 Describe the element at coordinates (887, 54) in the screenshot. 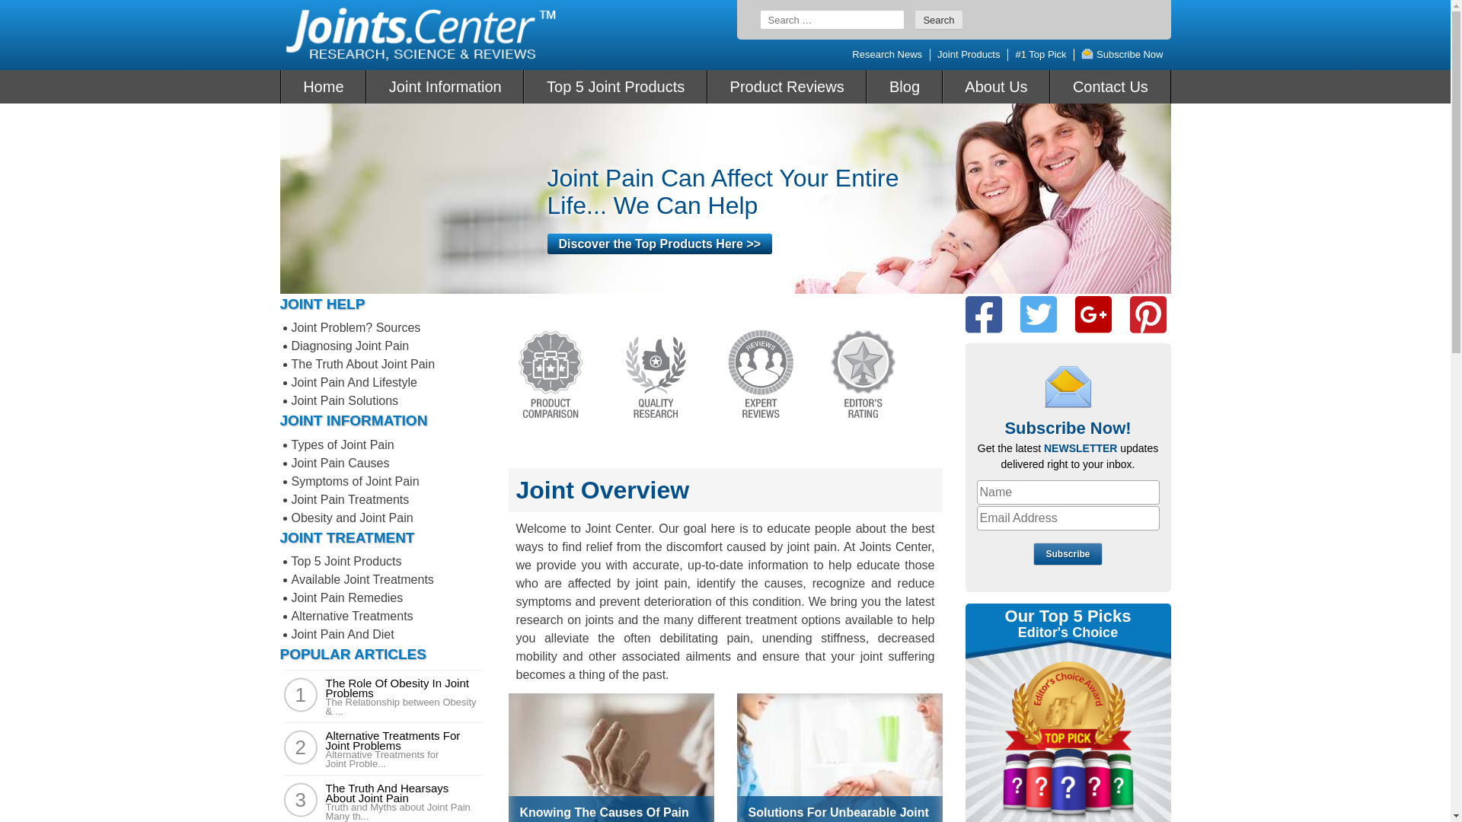

I see `'Research News'` at that location.